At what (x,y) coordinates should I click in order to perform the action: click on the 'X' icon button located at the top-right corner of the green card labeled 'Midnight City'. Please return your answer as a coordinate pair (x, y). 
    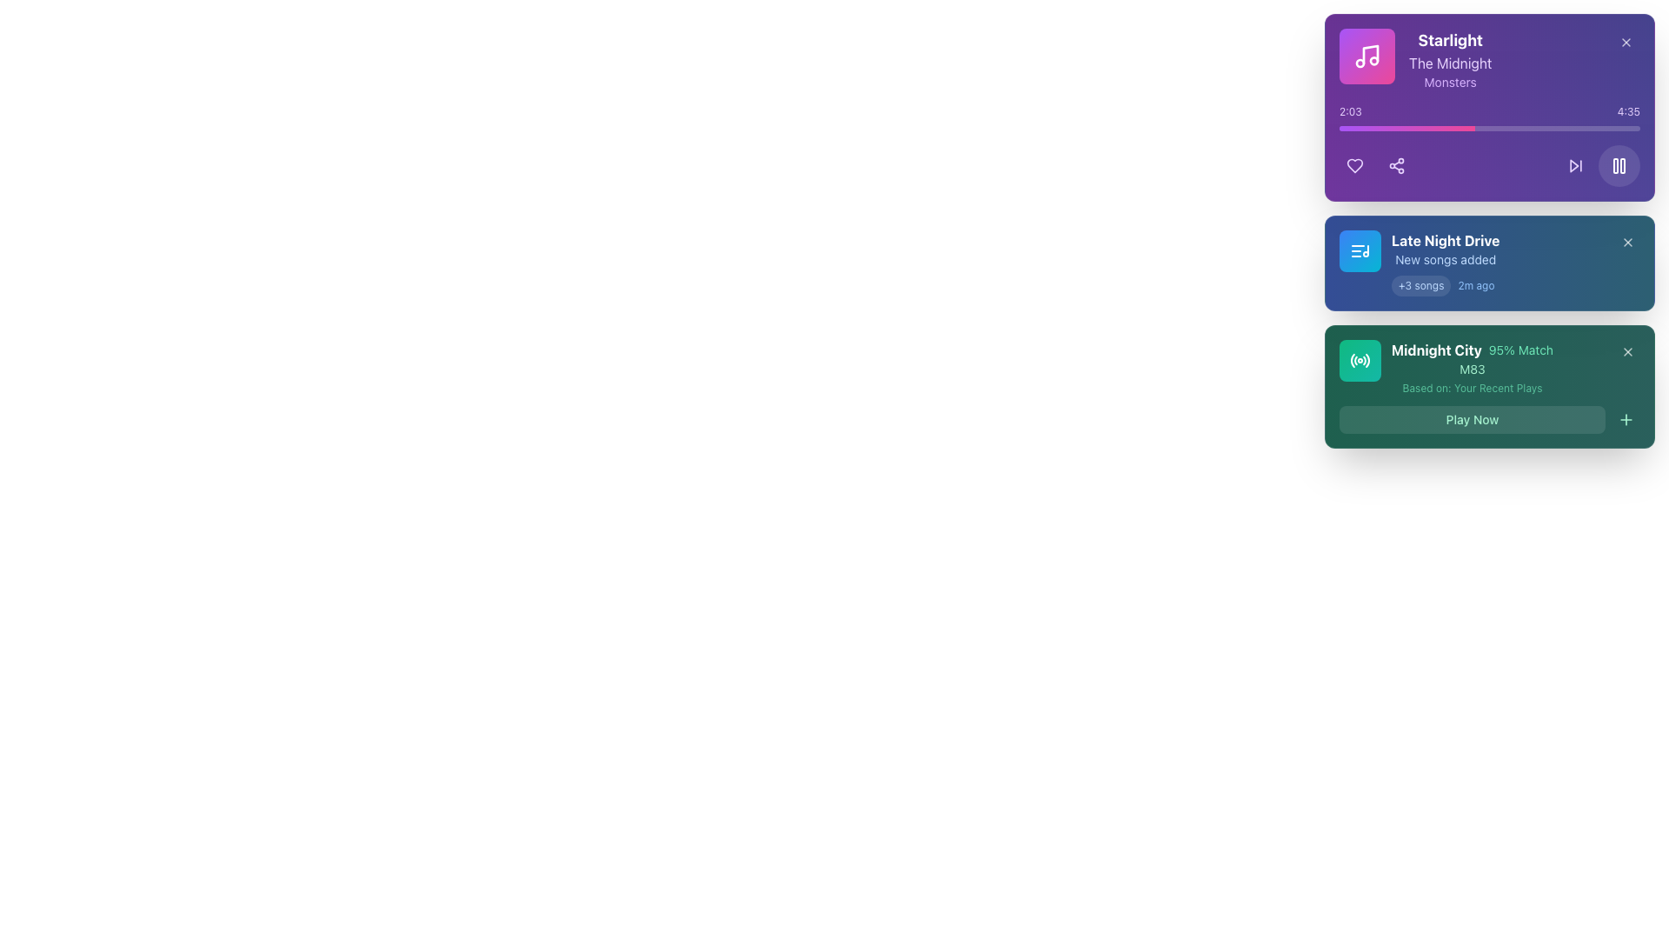
    Looking at the image, I should click on (1626, 352).